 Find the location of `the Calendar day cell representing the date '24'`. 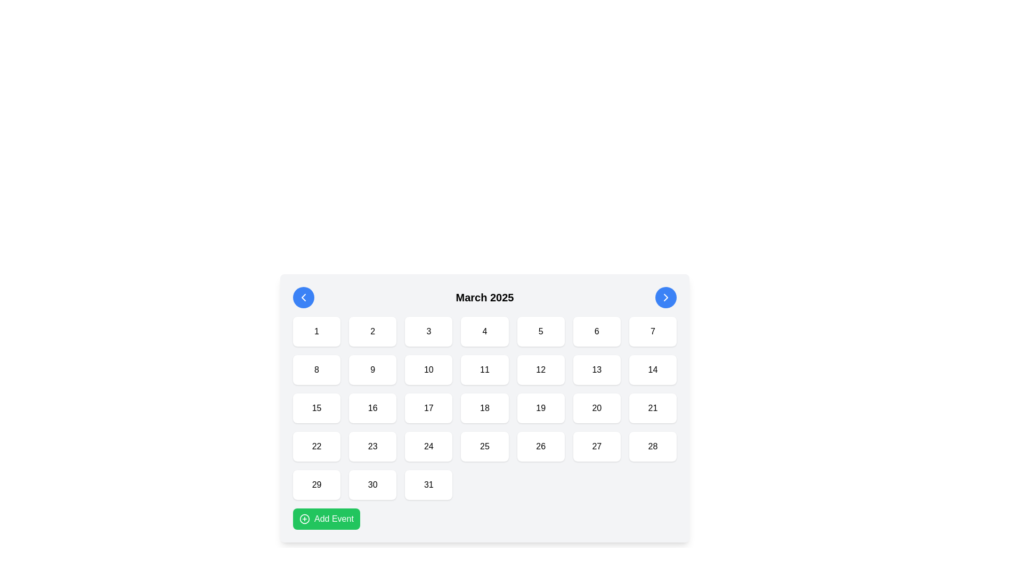

the Calendar day cell representing the date '24' is located at coordinates (428, 447).